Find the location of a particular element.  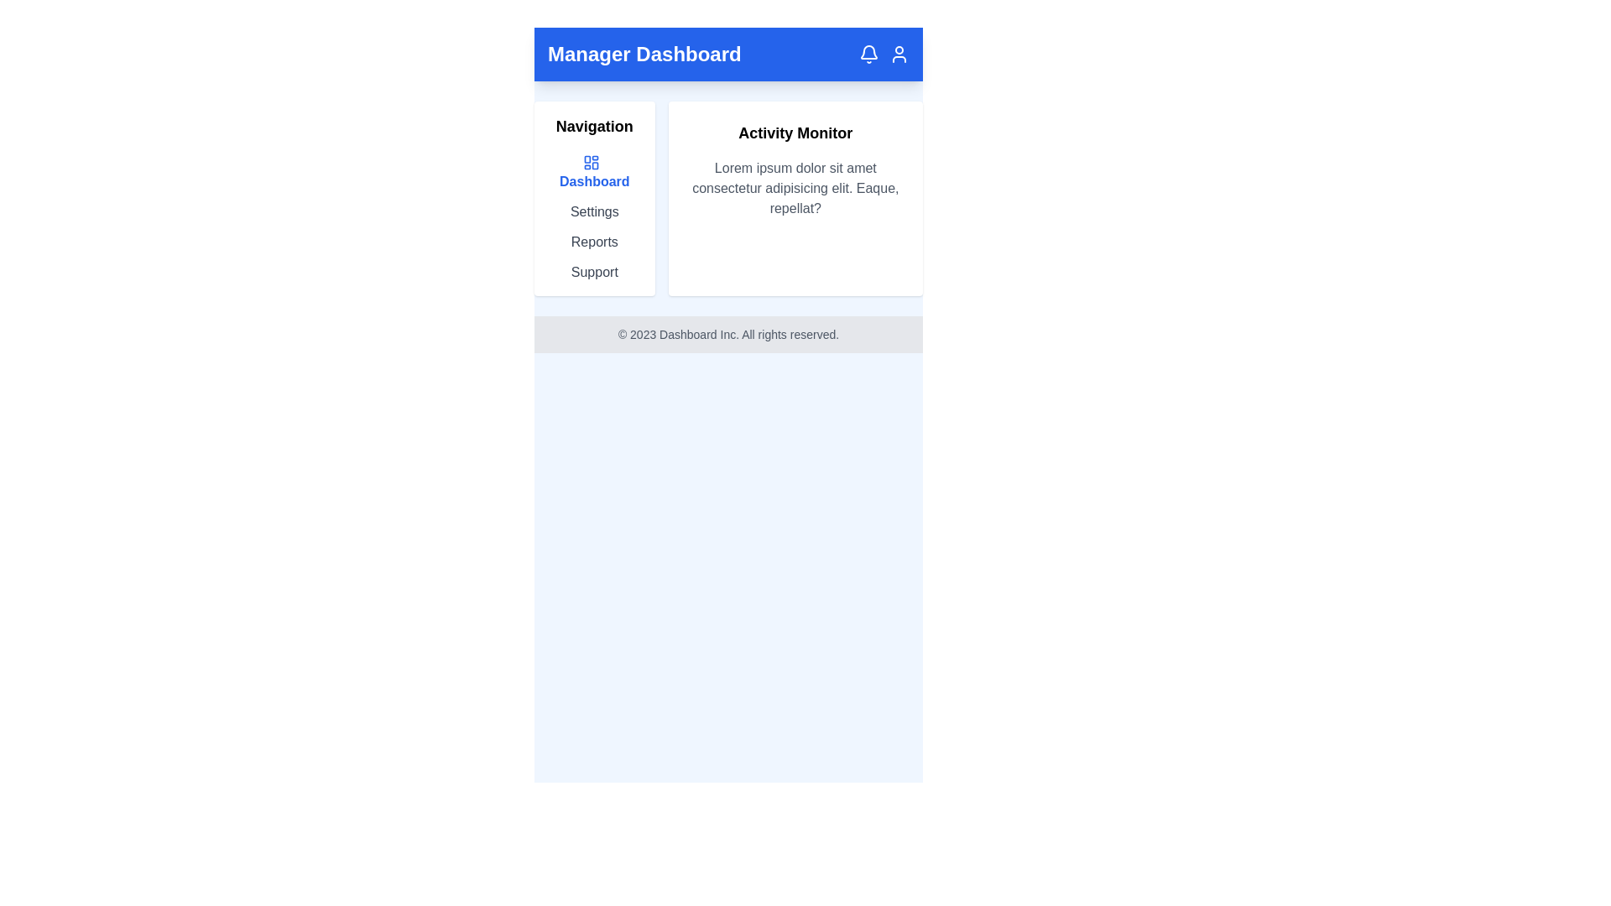

the user profile icon located in the top-right corner of the blue navigation bar to observe style changes is located at coordinates (898, 54).